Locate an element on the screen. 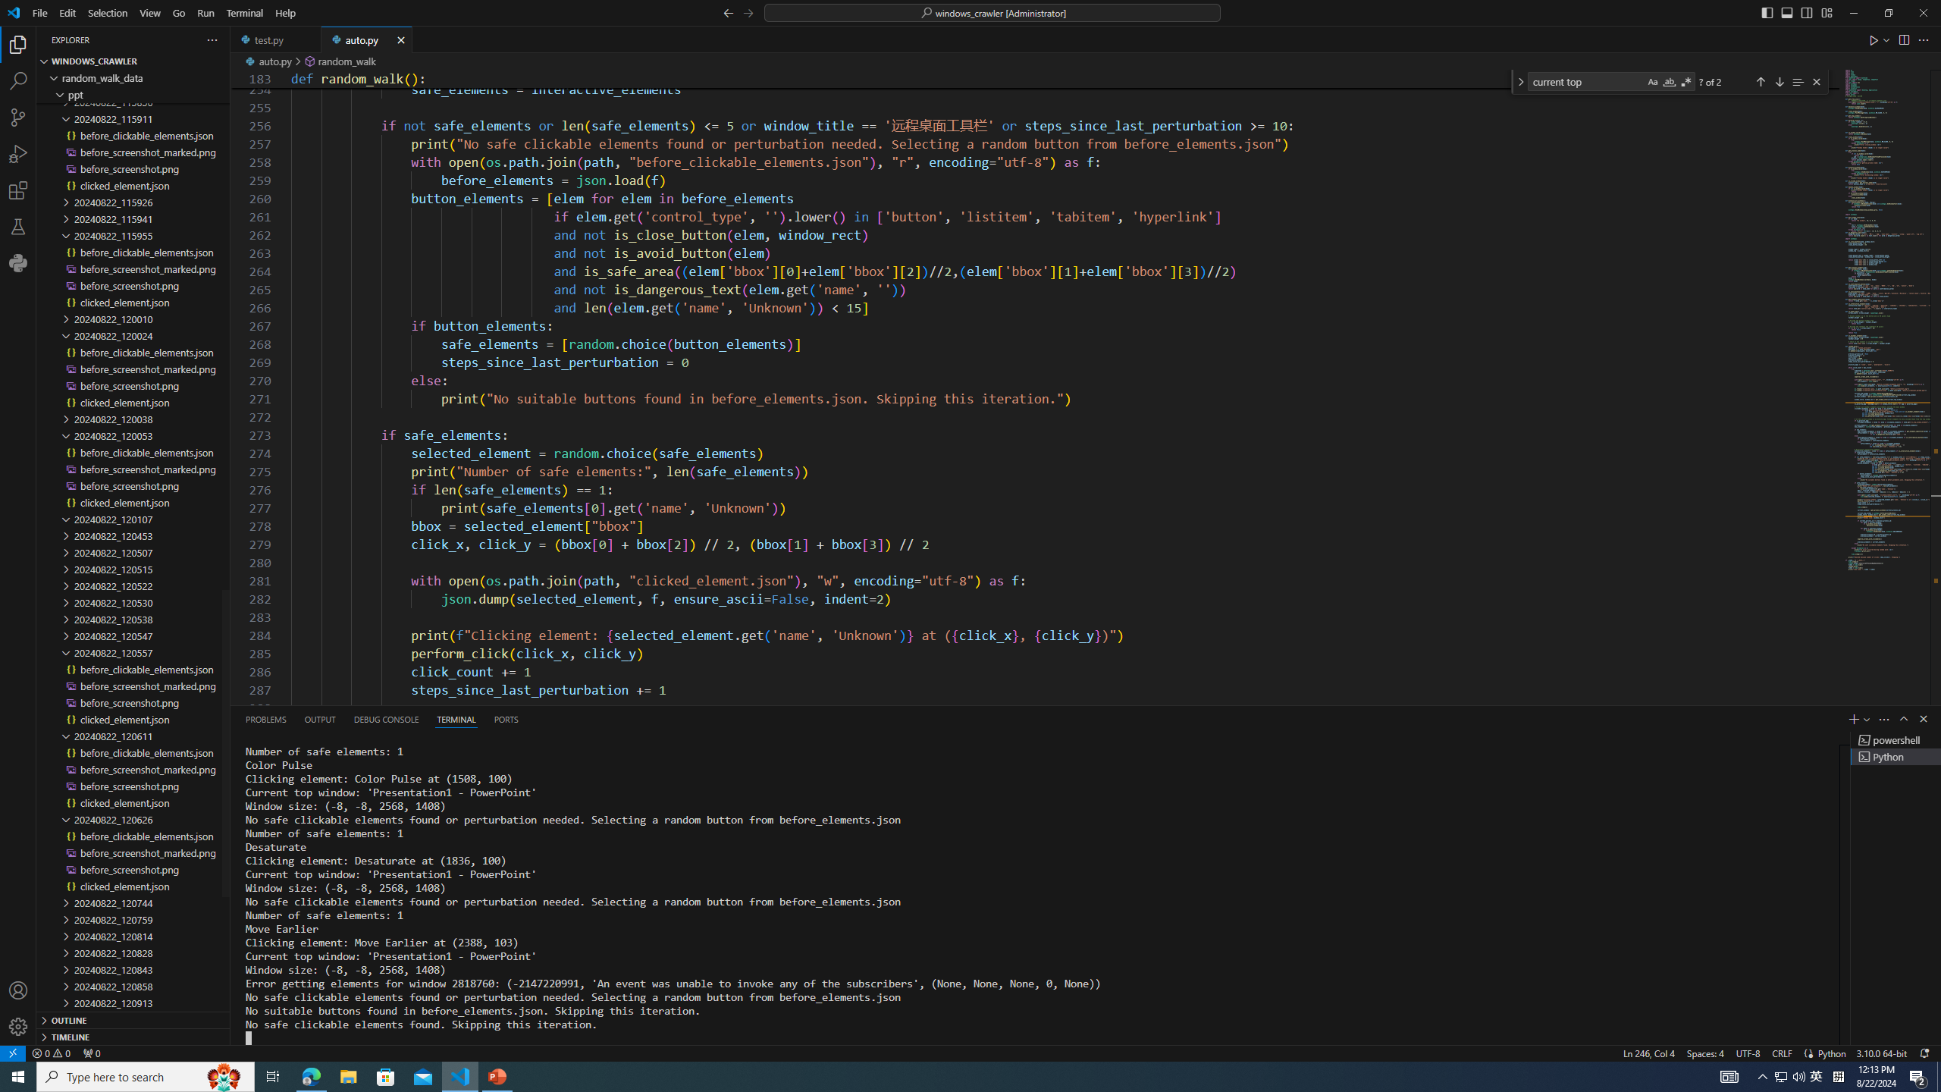  'Explorer (Ctrl+Shift+E)' is located at coordinates (18, 44).